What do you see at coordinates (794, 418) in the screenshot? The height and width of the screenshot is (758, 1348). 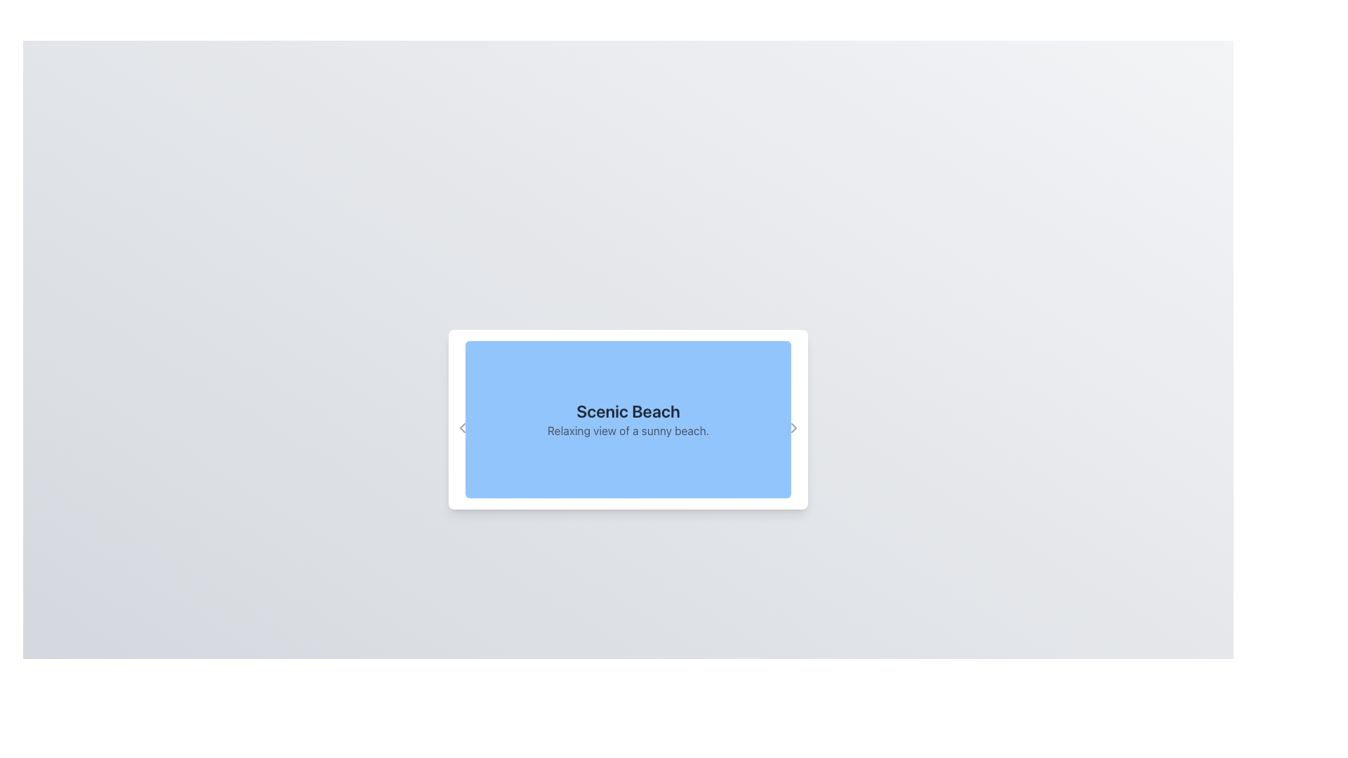 I see `the rightward-facing navigation button located on the far right side of the card component, which allows users` at bounding box center [794, 418].